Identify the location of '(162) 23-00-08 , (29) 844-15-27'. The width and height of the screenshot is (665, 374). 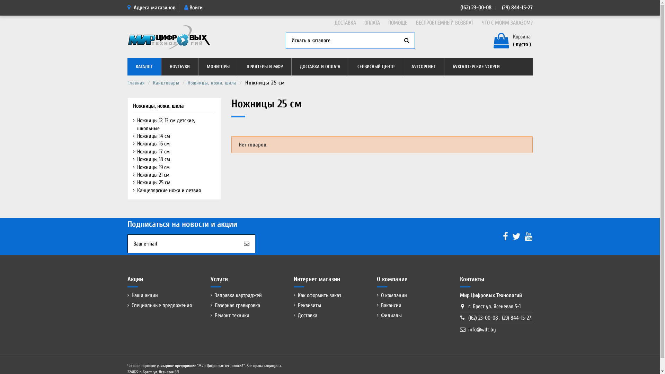
(468, 318).